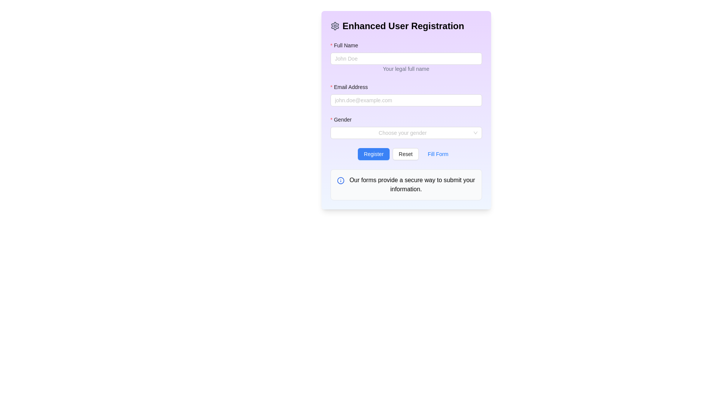 The image size is (727, 409). I want to click on the reset button located between the 'Register' button and the 'Fill Form' button, which resets the form fields to their initial states, so click(405, 154).